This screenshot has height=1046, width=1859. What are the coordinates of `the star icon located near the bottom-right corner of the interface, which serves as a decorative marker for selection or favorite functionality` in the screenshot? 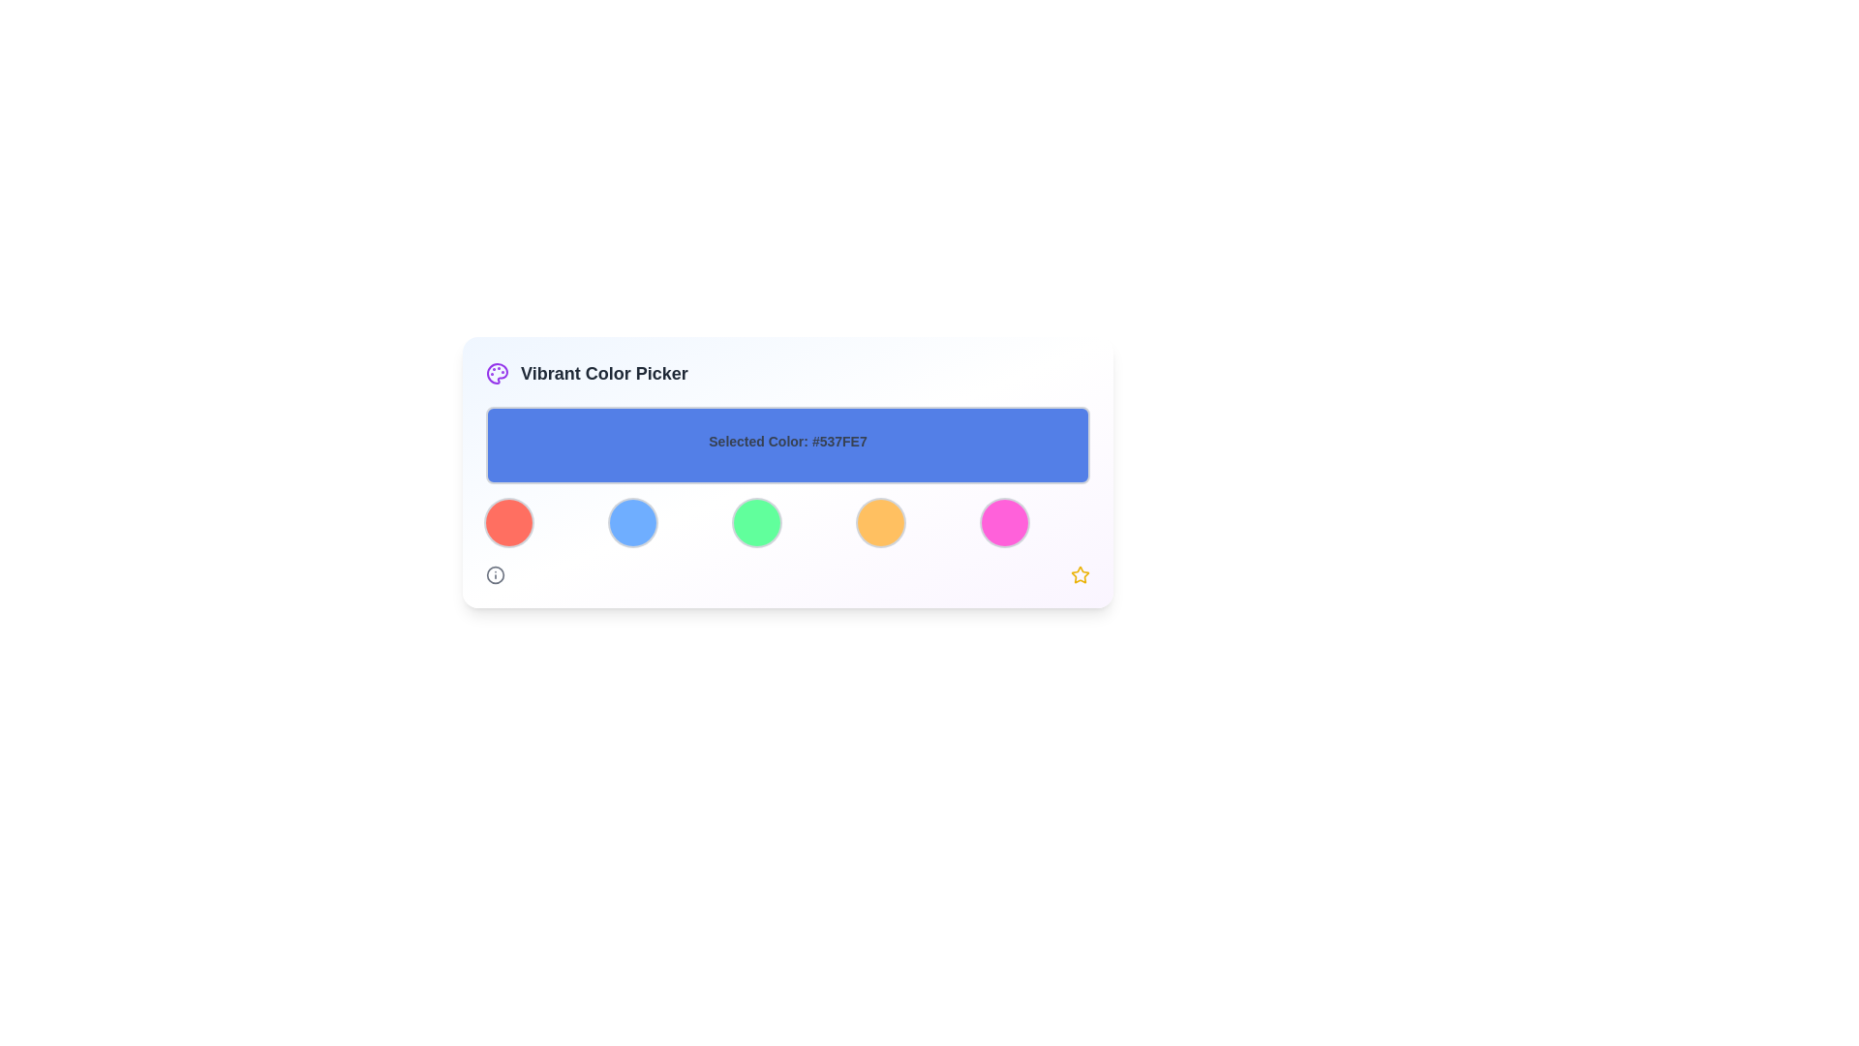 It's located at (1080, 573).